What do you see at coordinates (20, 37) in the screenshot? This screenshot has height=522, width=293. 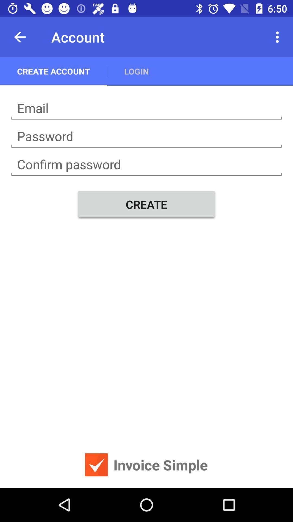 I see `the icon above the create account icon` at bounding box center [20, 37].